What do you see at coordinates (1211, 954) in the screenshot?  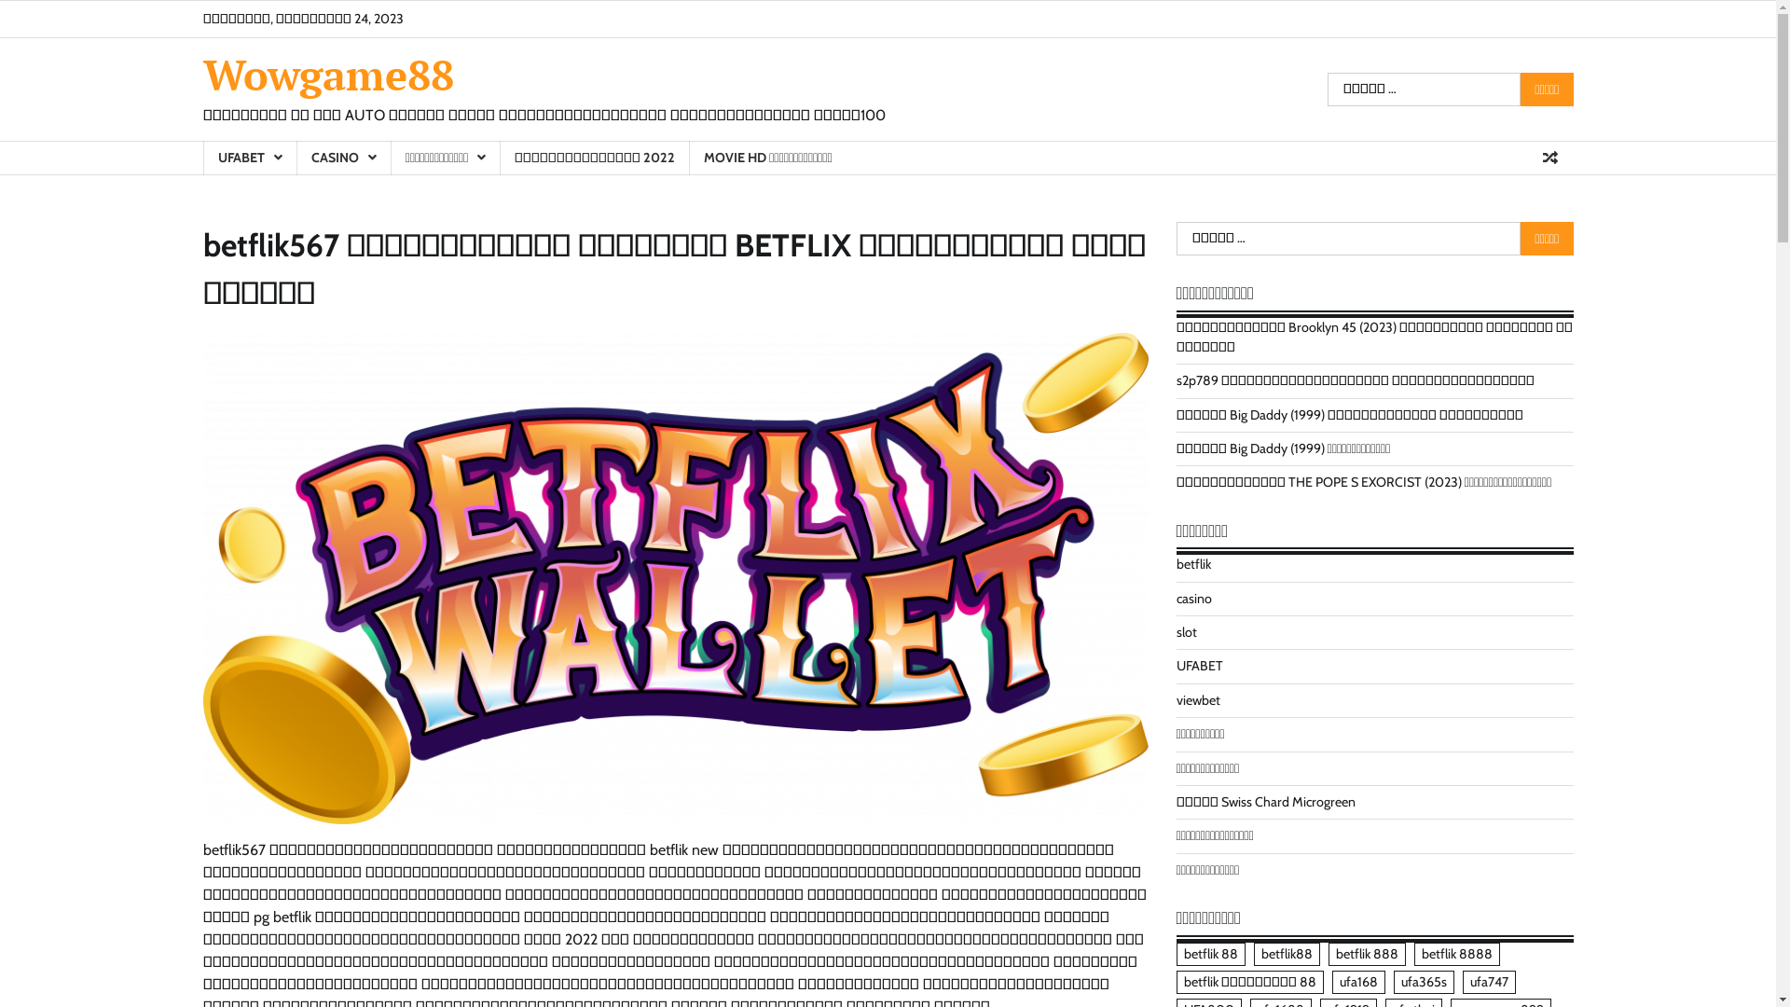 I see `'betflik 88'` at bounding box center [1211, 954].